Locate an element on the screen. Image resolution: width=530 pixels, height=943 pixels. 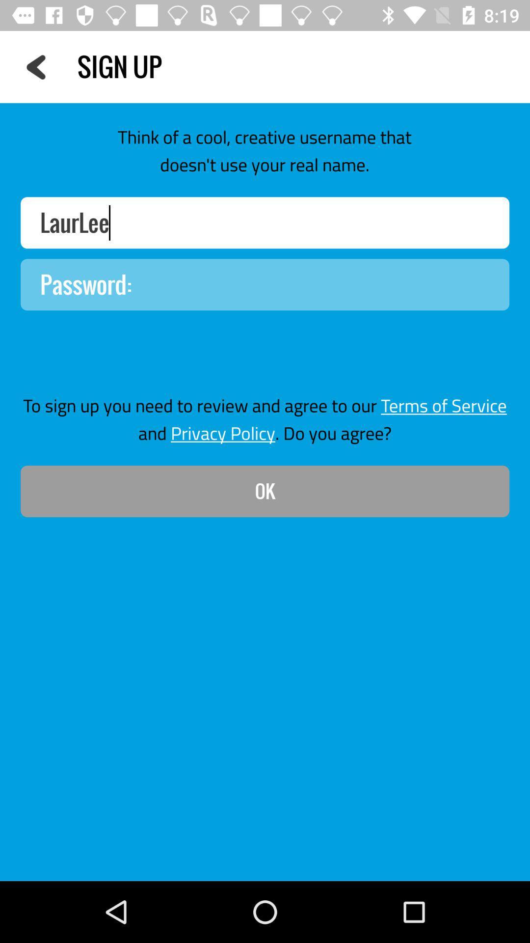
password is located at coordinates (265, 284).